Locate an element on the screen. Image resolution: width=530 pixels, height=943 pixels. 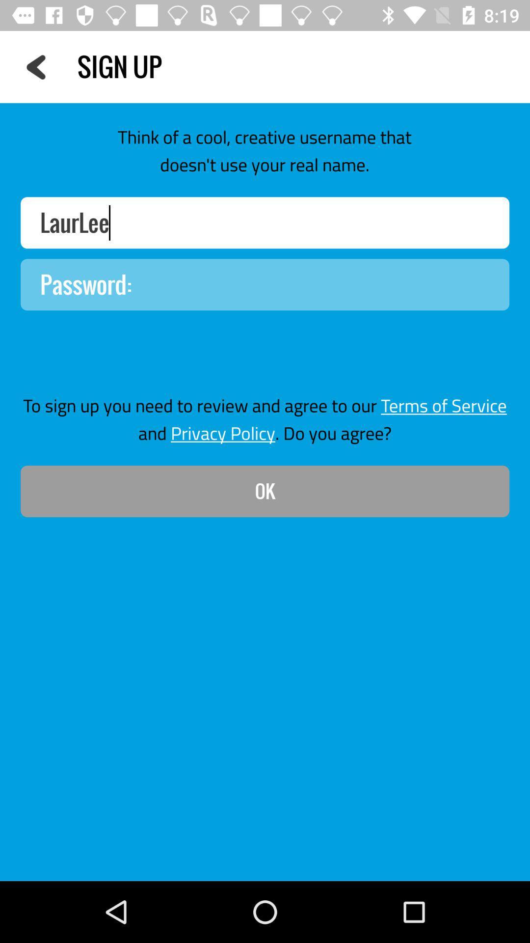
password is located at coordinates (265, 284).